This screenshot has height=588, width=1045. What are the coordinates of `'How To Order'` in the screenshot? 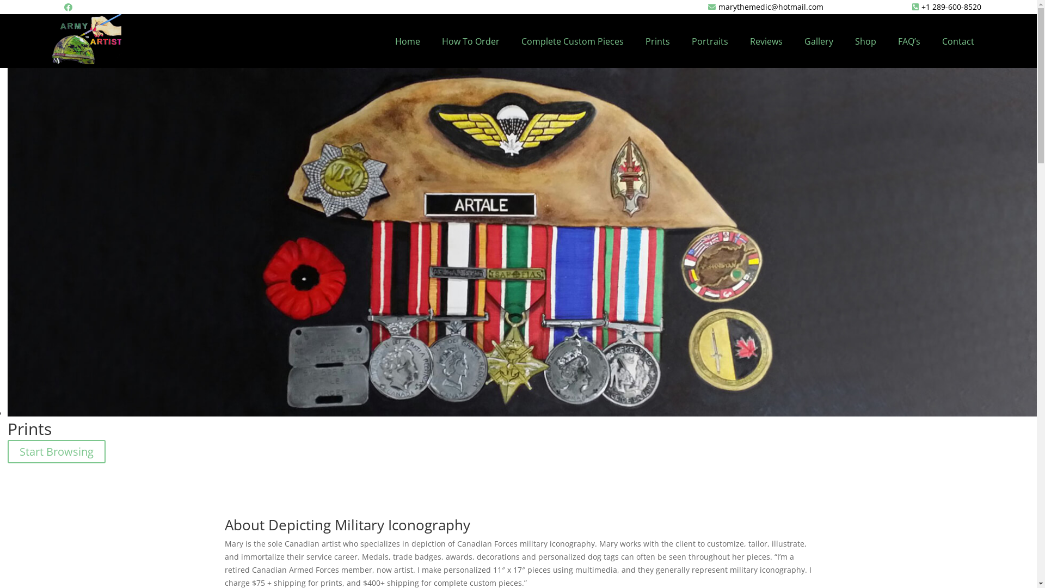 It's located at (470, 41).